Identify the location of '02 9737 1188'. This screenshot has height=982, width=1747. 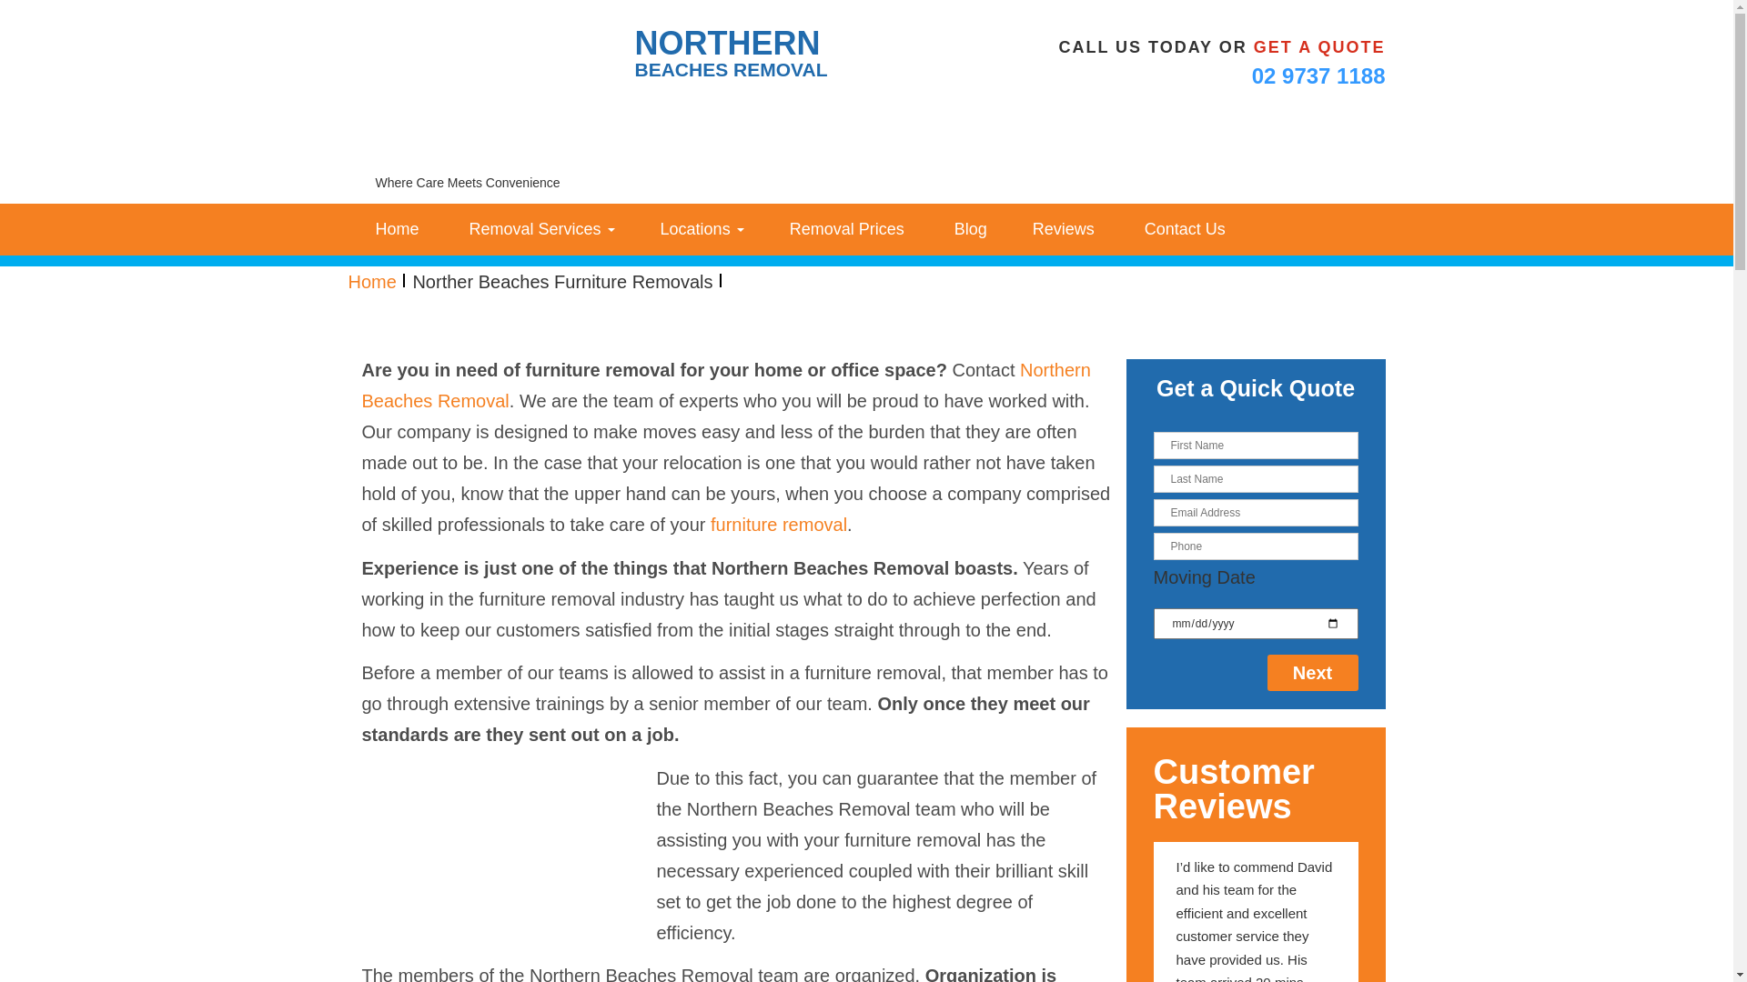
(1318, 75).